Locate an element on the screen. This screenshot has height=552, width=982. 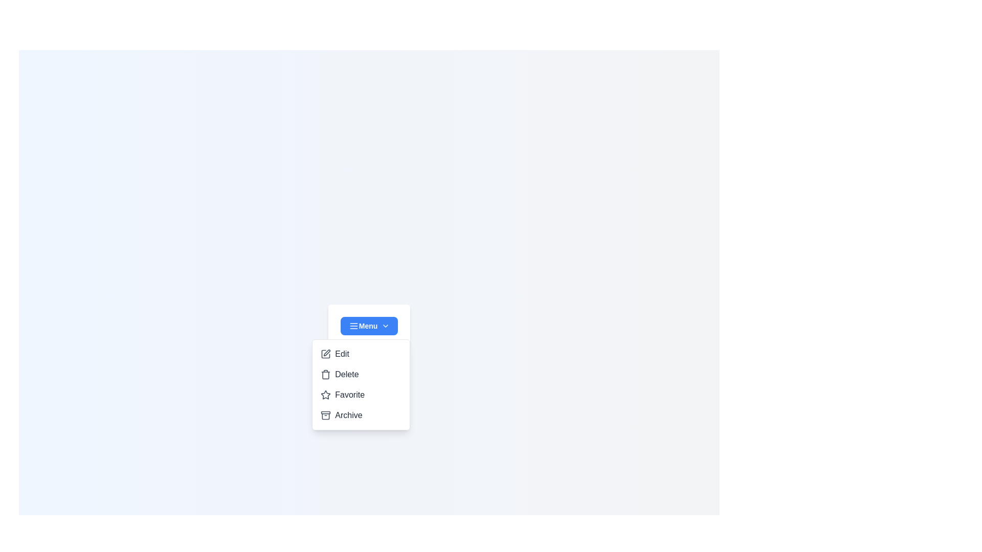
the option Archive from the dropdown menu is located at coordinates (361, 416).